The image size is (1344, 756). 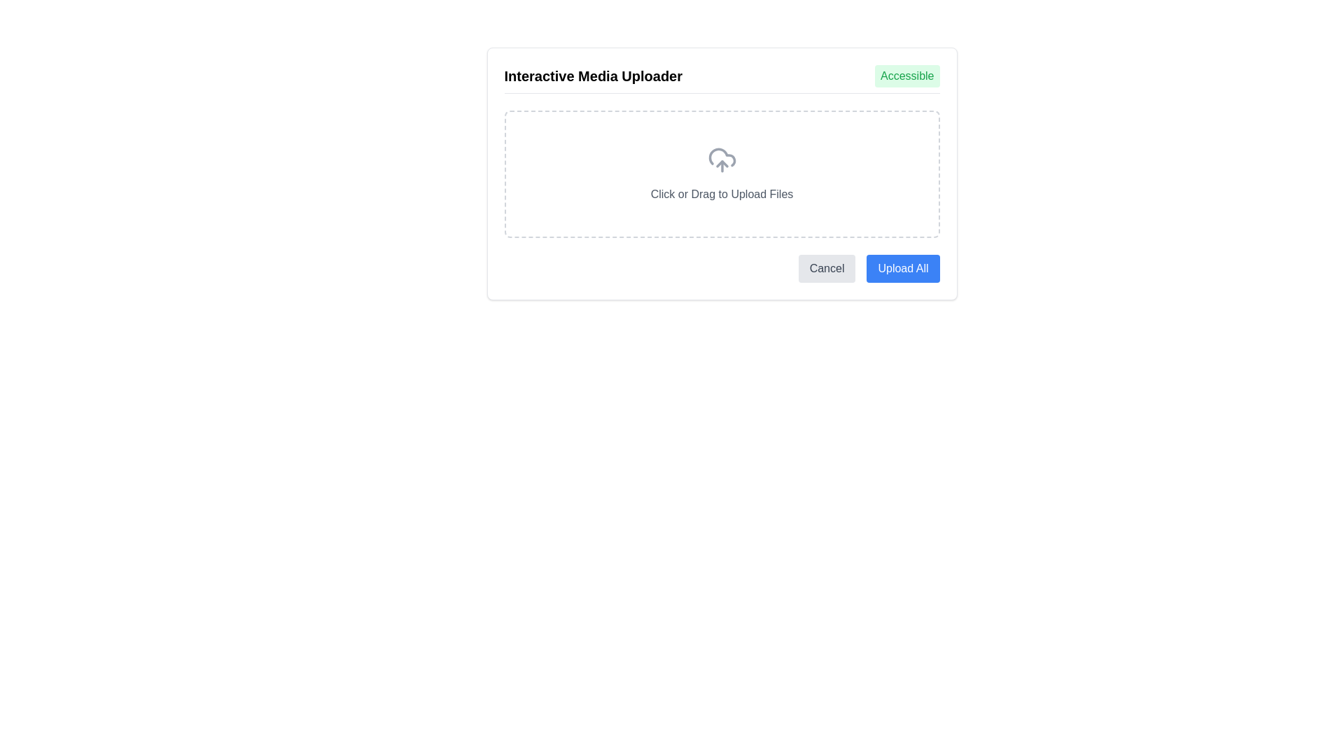 What do you see at coordinates (722, 194) in the screenshot?
I see `text component that instructs users to 'Click or Drag to Upload Files', styled in gray color and positioned below the cloud upload icon` at bounding box center [722, 194].